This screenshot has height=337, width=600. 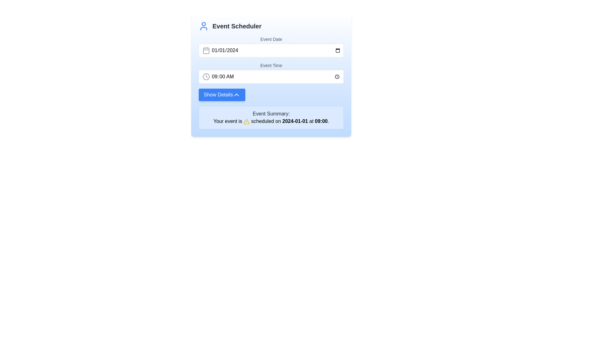 What do you see at coordinates (271, 39) in the screenshot?
I see `the Text label that describes the input field for entering or selecting an event date, positioned directly above the input field with the placeholder '01/01/2024'` at bounding box center [271, 39].